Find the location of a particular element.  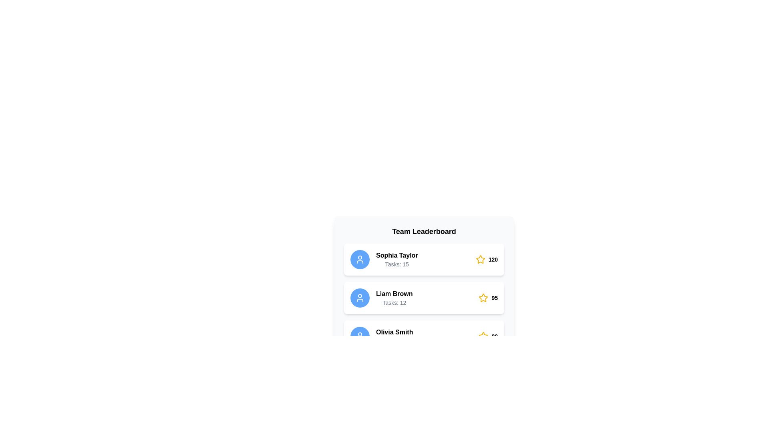

the circular avatar component with a blue background and a white user icon, which is the leftmost element of the 'Olivia Smith' leaderboard entry is located at coordinates (359, 336).